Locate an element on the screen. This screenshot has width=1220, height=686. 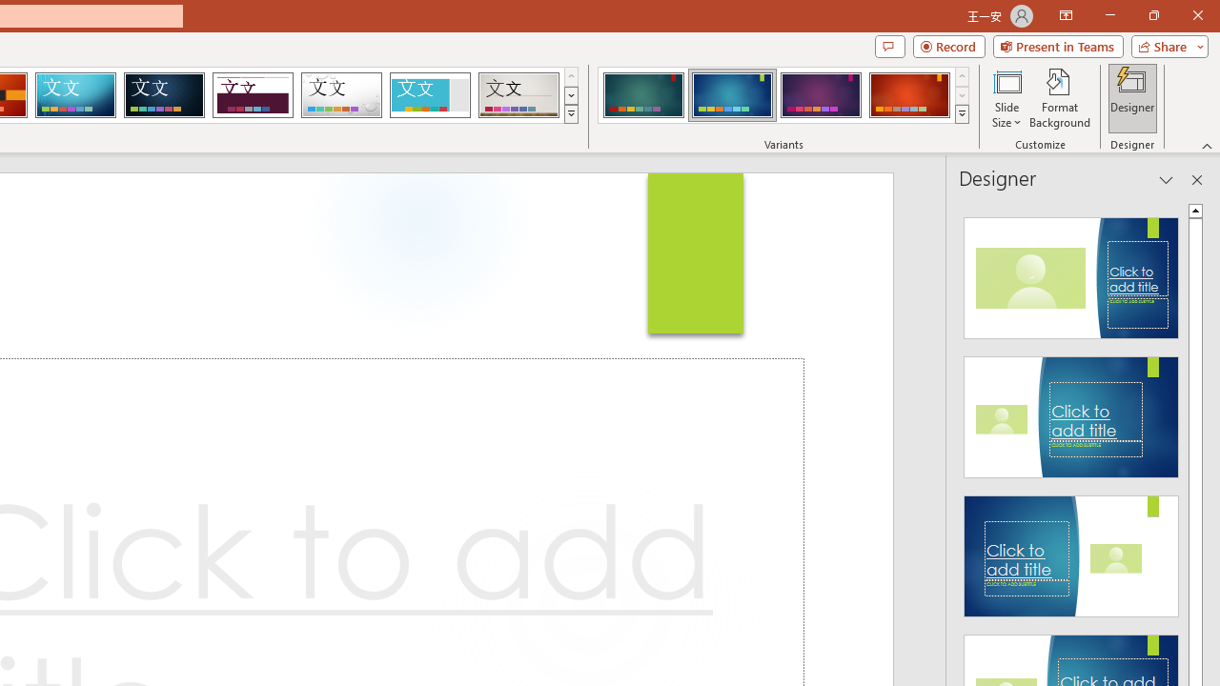
'Slide Size' is located at coordinates (1006, 98).